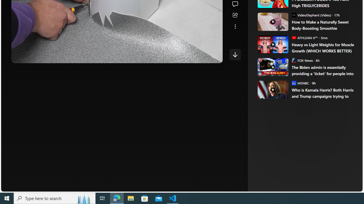 The image size is (364, 204). Describe the element at coordinates (323, 25) in the screenshot. I see `'How to Make a Naturally Sweet Body-Boosting Smoothie'` at that location.